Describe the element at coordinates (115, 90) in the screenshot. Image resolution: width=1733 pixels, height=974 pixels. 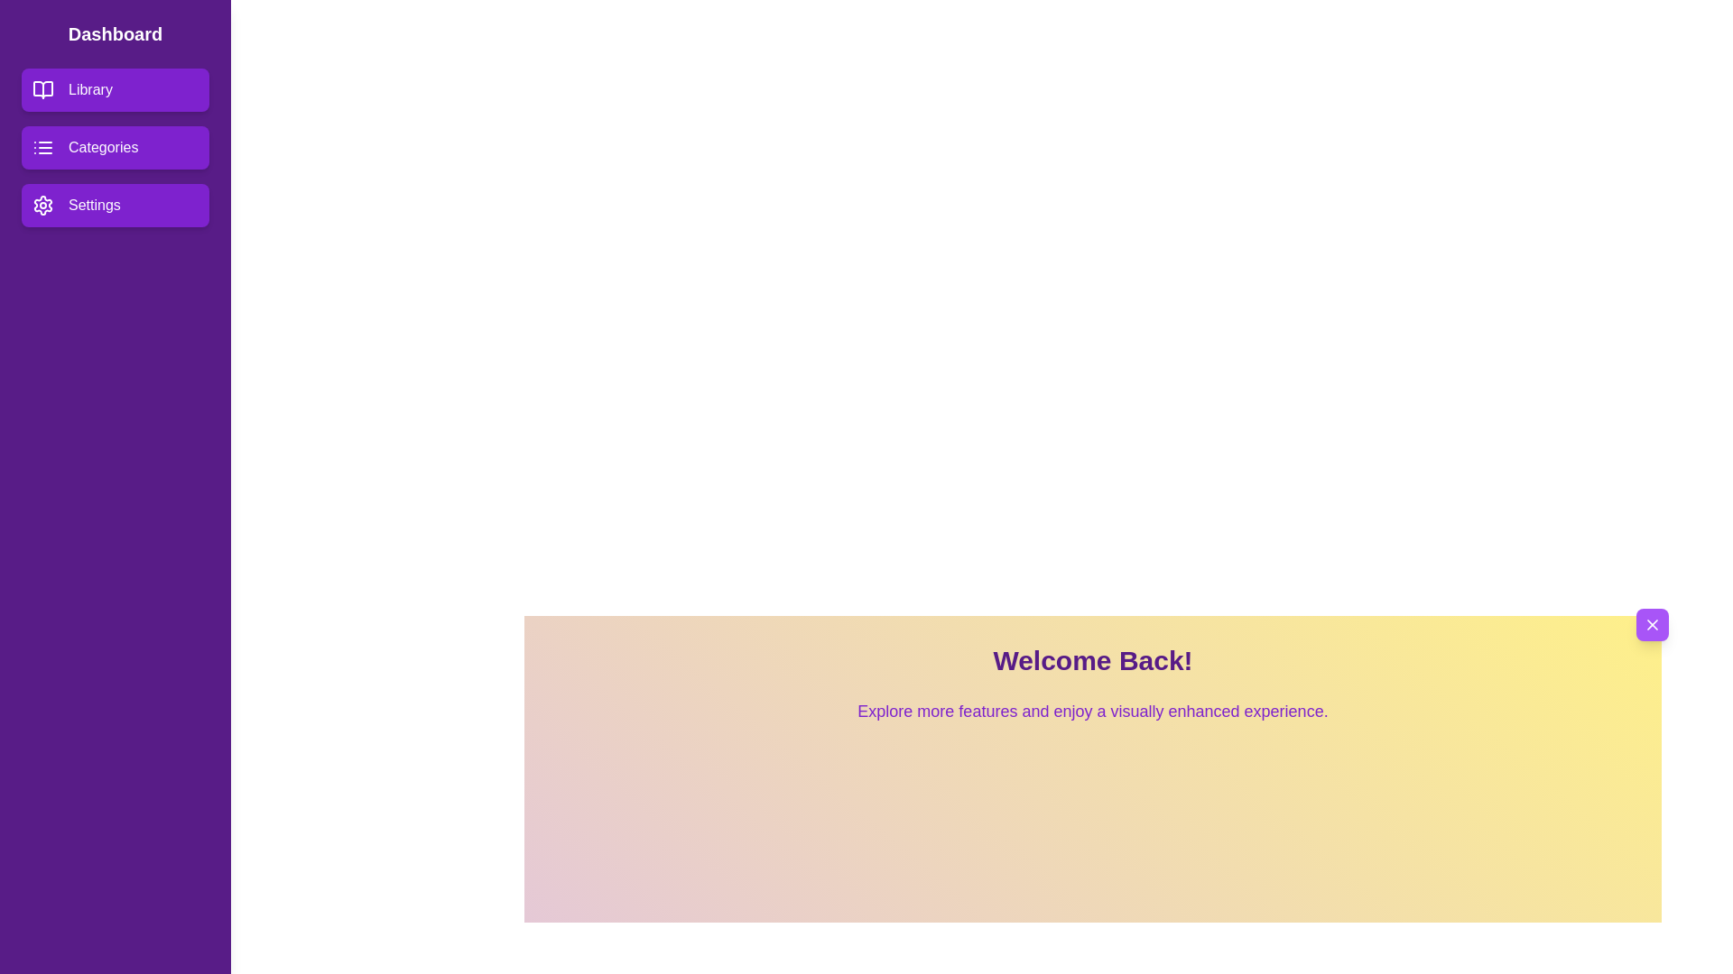
I see `the menu item Library from the list` at that location.